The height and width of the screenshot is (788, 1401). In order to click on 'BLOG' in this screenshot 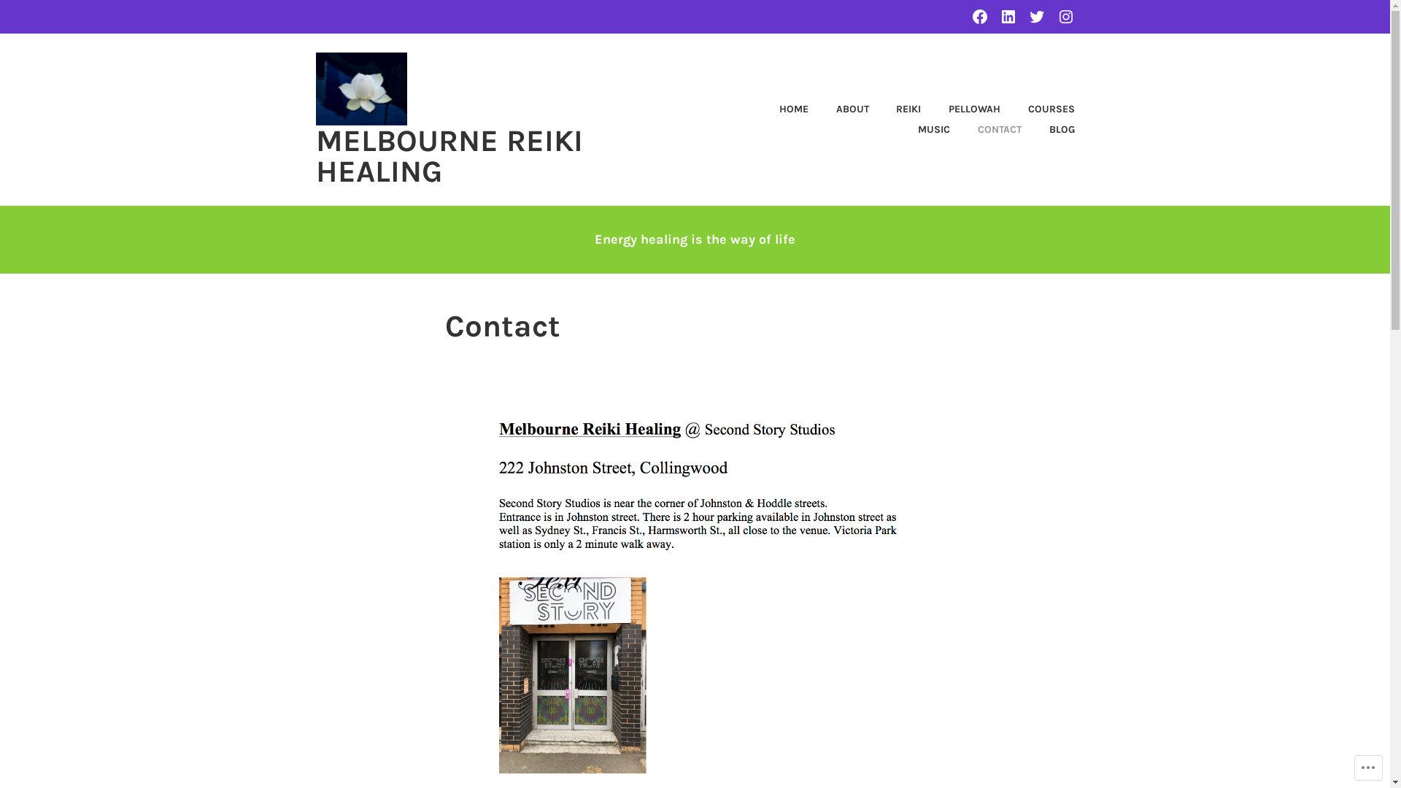, I will do `click(1049, 128)`.